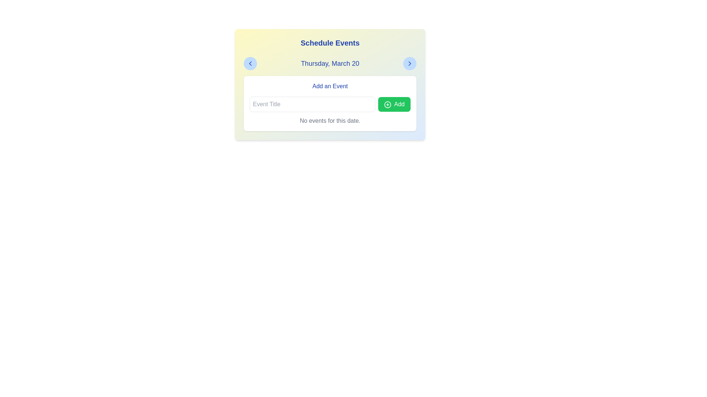 Image resolution: width=707 pixels, height=397 pixels. Describe the element at coordinates (394, 104) in the screenshot. I see `the 'Add' button, which is a vibrant green rounded rectangular button with white text and a plus sign icon, located adjacent to the 'Event Title' text input field` at that location.